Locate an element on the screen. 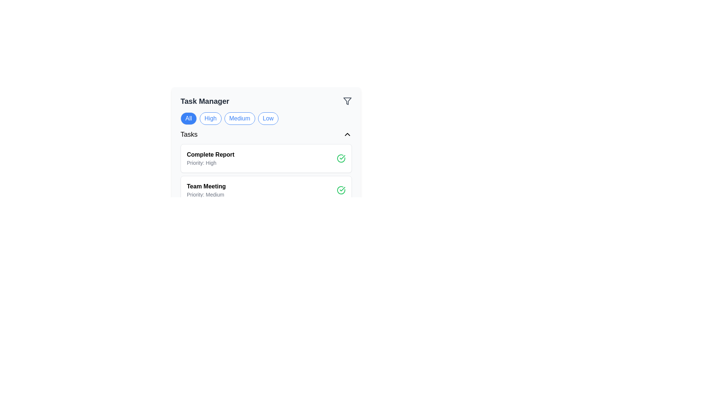 The width and height of the screenshot is (709, 399). the triangular filter icon in the top-right corner of the task manager interface, which is part of an SVG graphic element indicating filtering functionality is located at coordinates (347, 101).